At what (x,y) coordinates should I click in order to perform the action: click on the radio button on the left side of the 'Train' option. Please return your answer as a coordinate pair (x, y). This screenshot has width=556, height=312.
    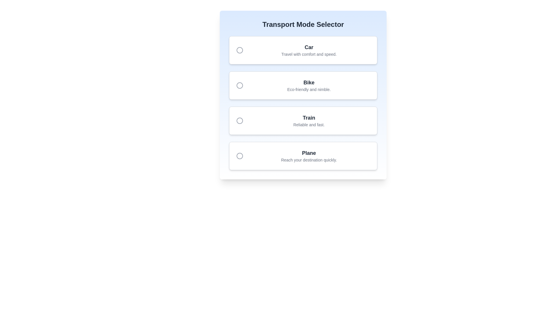
    Looking at the image, I should click on (240, 120).